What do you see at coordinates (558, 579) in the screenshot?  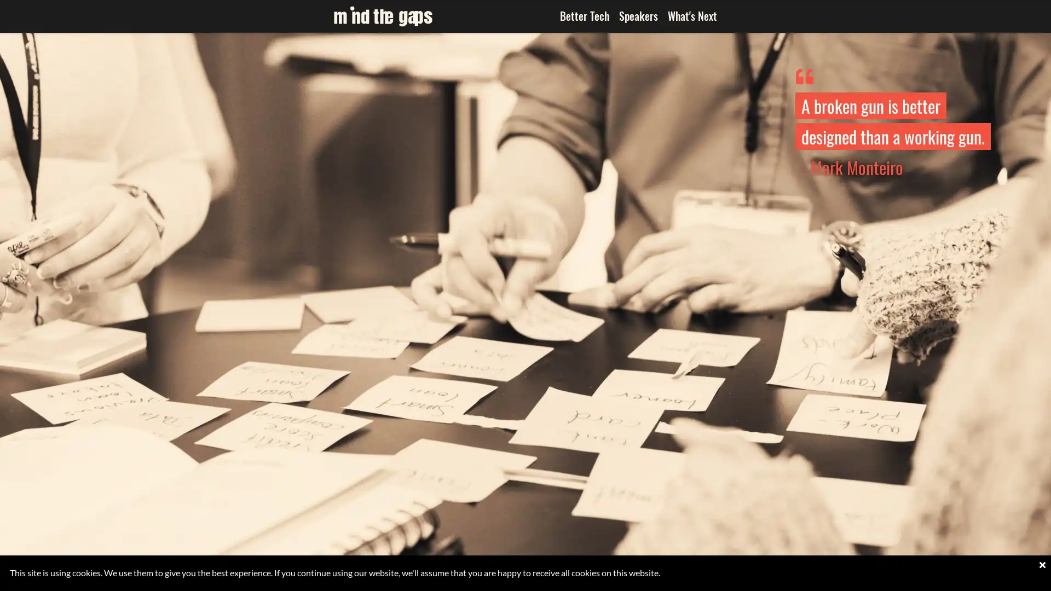 I see `5` at bounding box center [558, 579].